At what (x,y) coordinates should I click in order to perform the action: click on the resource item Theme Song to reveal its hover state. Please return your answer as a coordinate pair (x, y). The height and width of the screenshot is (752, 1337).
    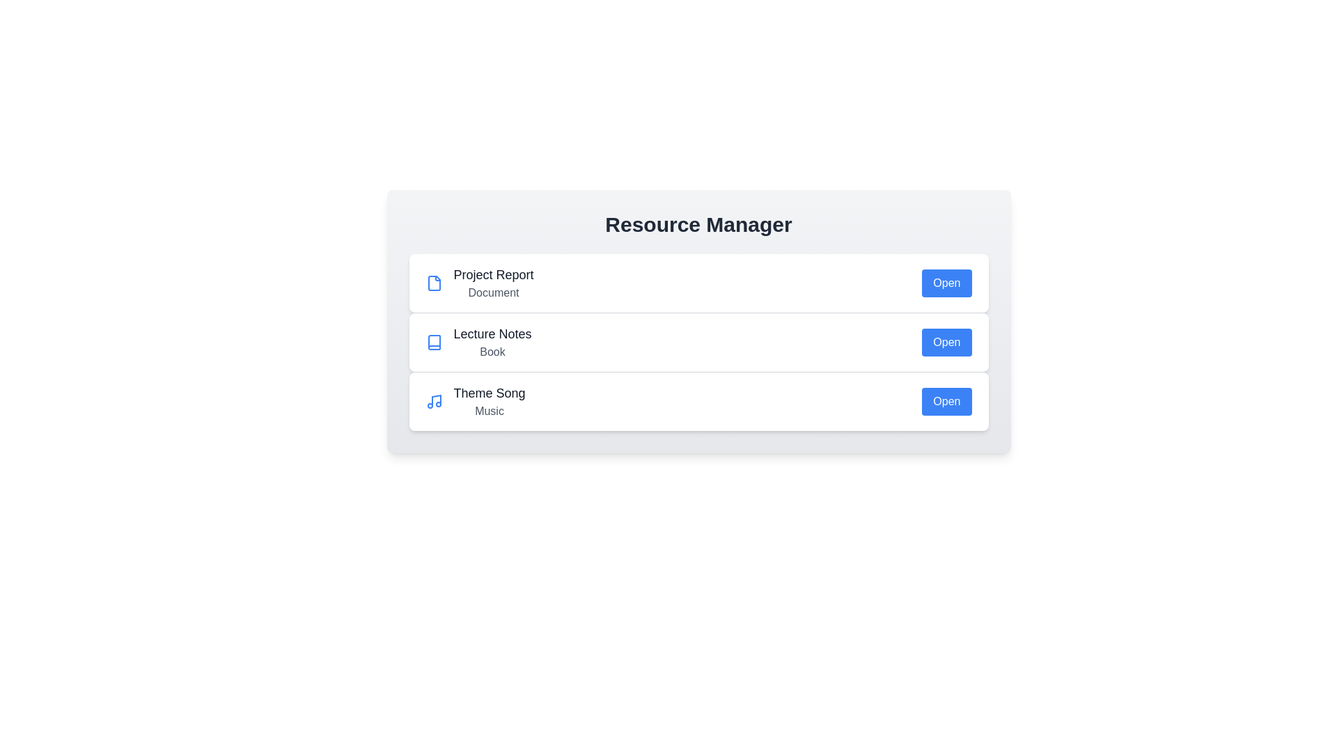
    Looking at the image, I should click on (698, 401).